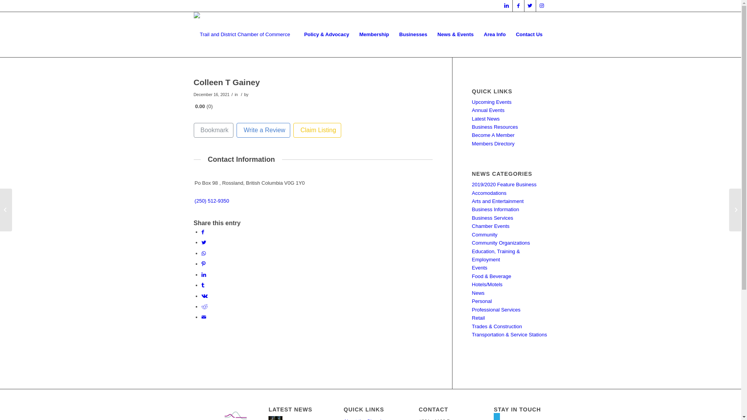 The image size is (747, 420). Describe the element at coordinates (493, 135) in the screenshot. I see `'Become A Member'` at that location.